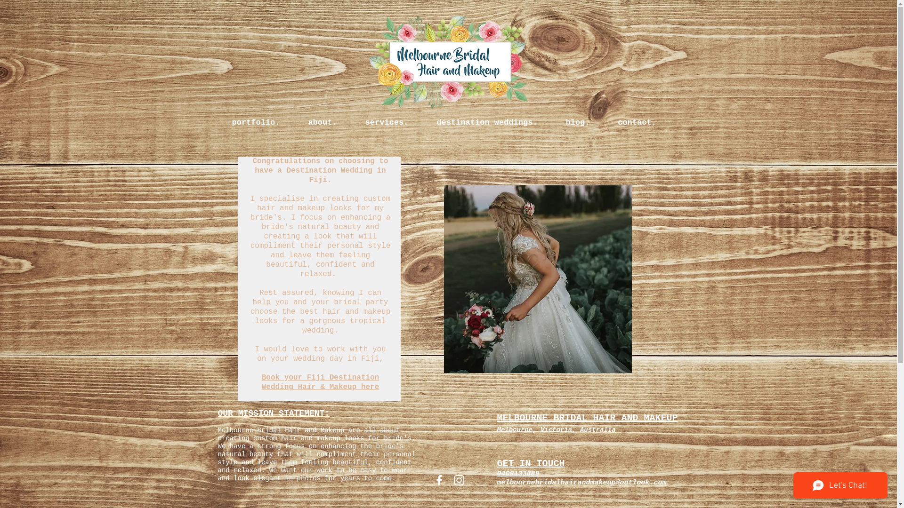 This screenshot has width=904, height=508. What do you see at coordinates (350, 122) in the screenshot?
I see `'services.'` at bounding box center [350, 122].